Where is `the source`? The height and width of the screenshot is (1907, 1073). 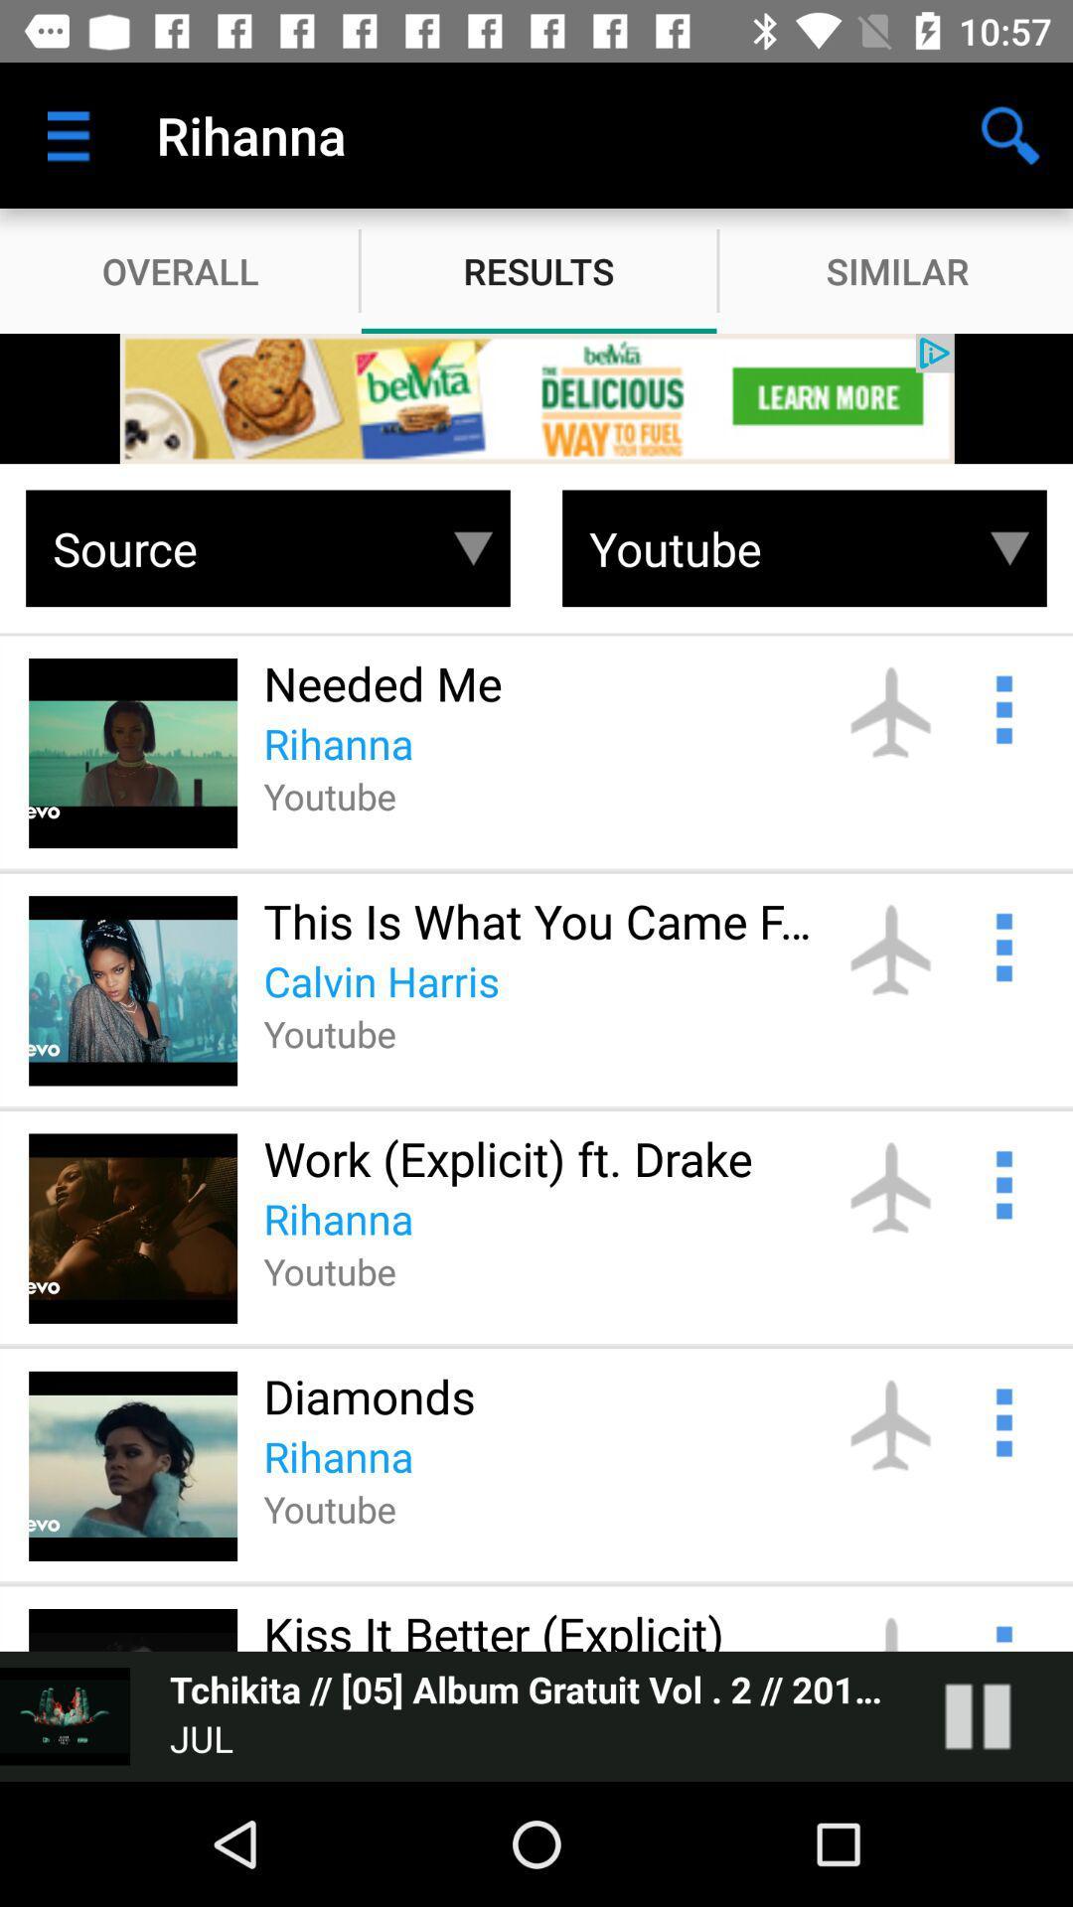 the source is located at coordinates (236, 548).